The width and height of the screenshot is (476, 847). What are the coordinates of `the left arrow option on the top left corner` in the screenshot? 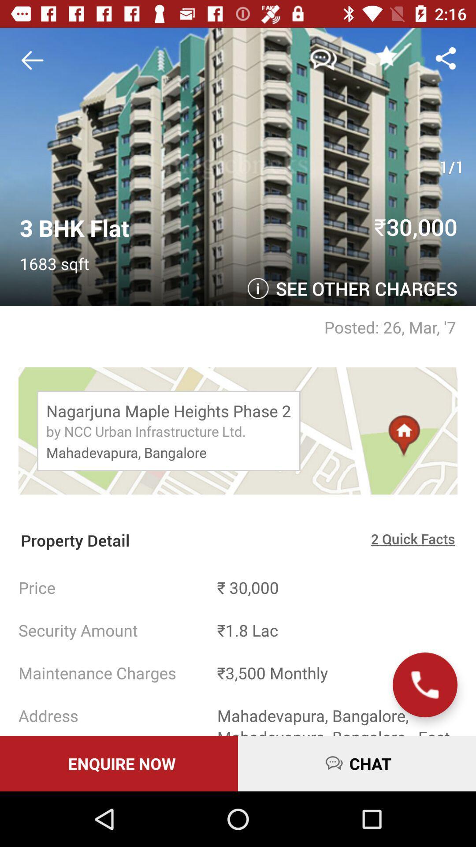 It's located at (35, 60).